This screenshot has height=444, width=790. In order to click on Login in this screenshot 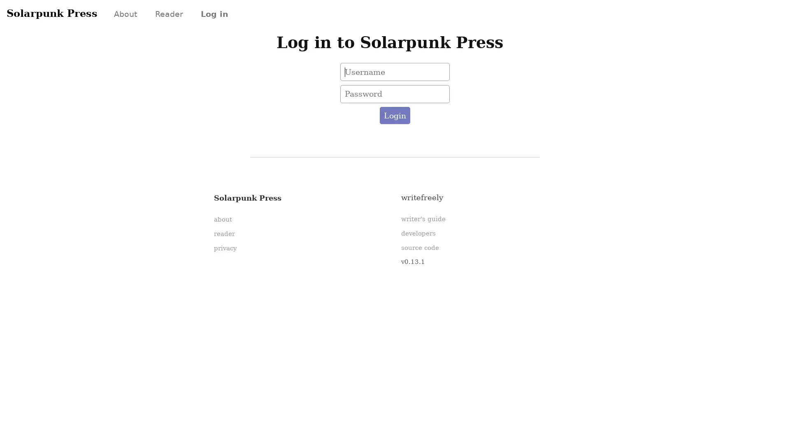, I will do `click(394, 116)`.